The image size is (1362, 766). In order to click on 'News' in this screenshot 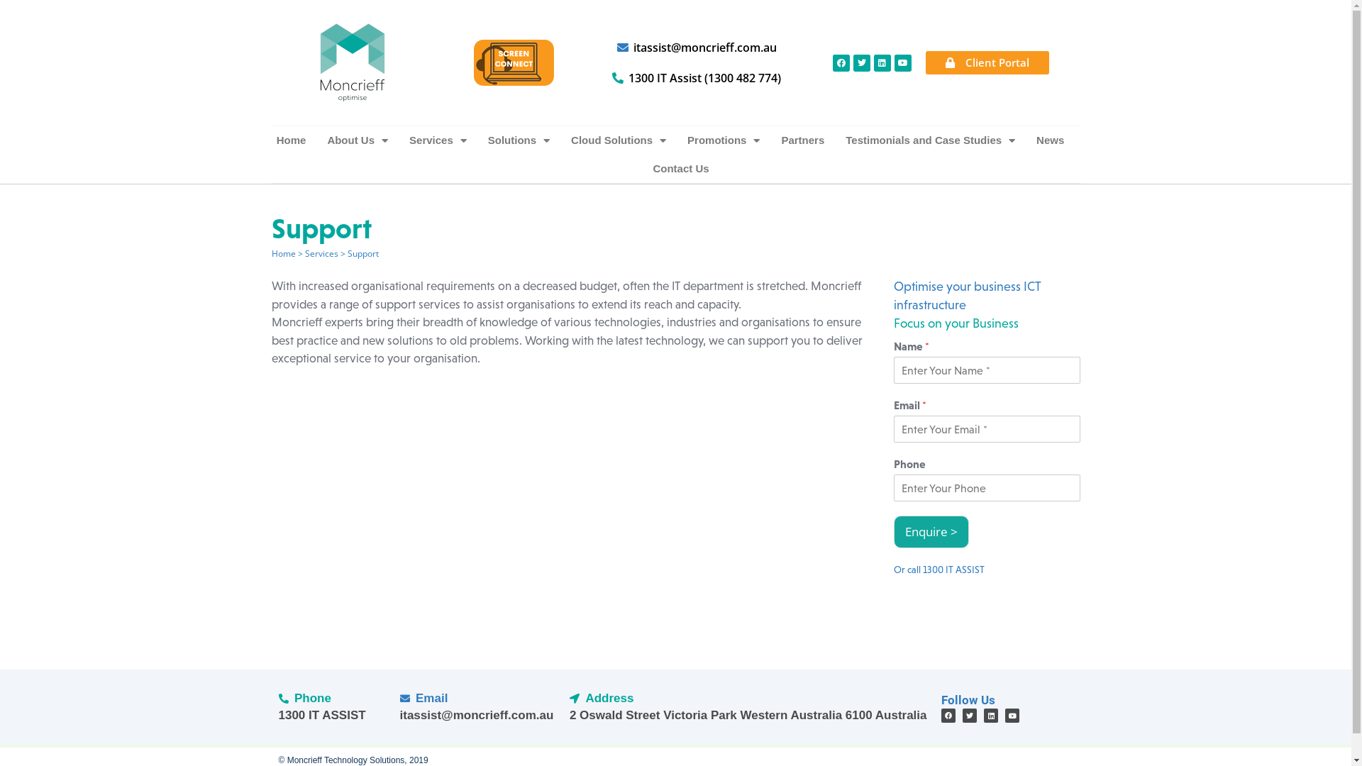, I will do `click(1050, 140)`.